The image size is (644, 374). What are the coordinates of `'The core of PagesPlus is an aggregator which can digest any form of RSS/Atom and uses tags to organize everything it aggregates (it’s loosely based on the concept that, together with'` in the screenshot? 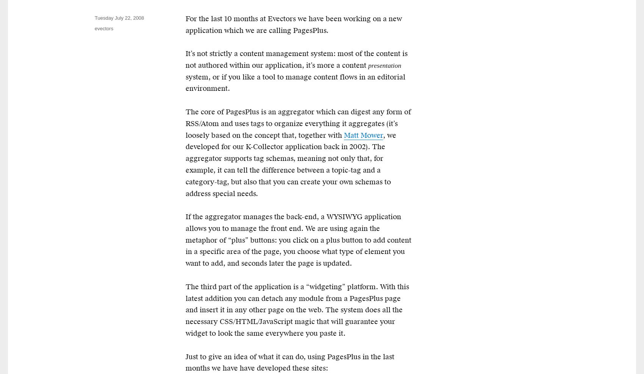 It's located at (298, 123).